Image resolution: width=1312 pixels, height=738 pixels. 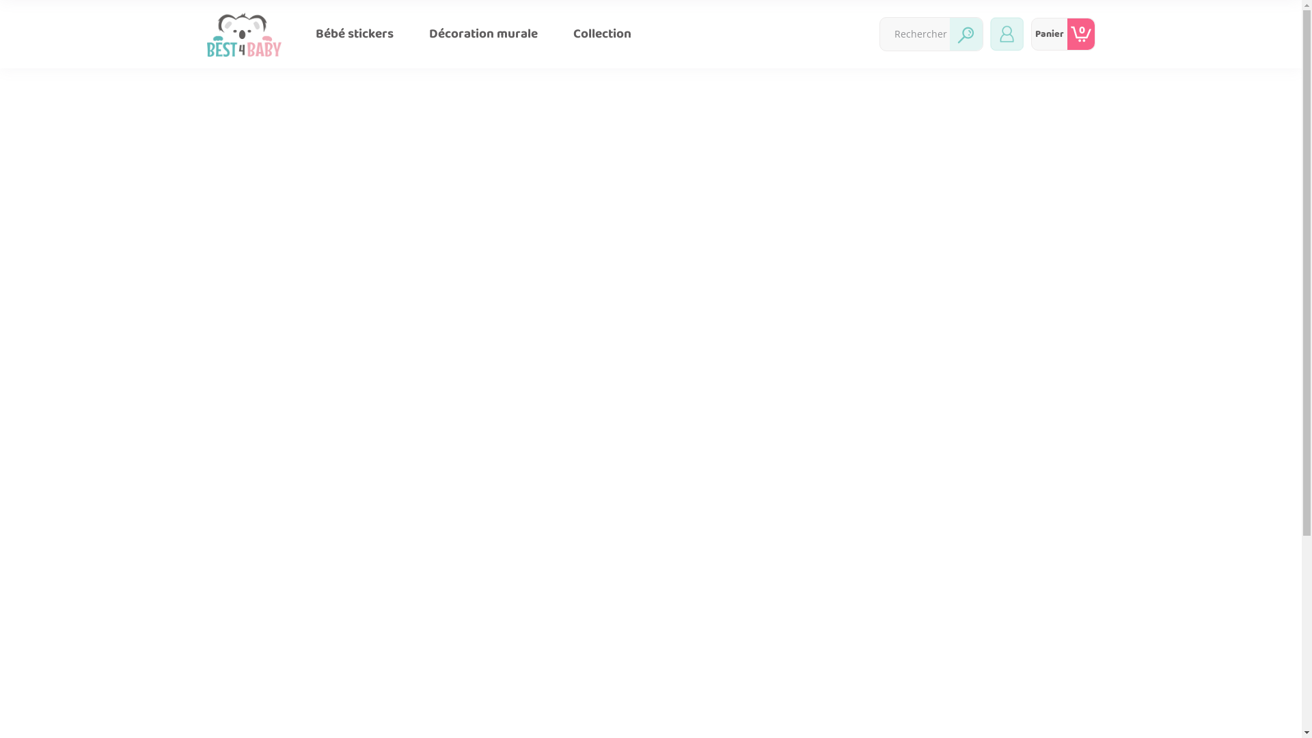 What do you see at coordinates (1062, 33) in the screenshot?
I see `'Panier` at bounding box center [1062, 33].